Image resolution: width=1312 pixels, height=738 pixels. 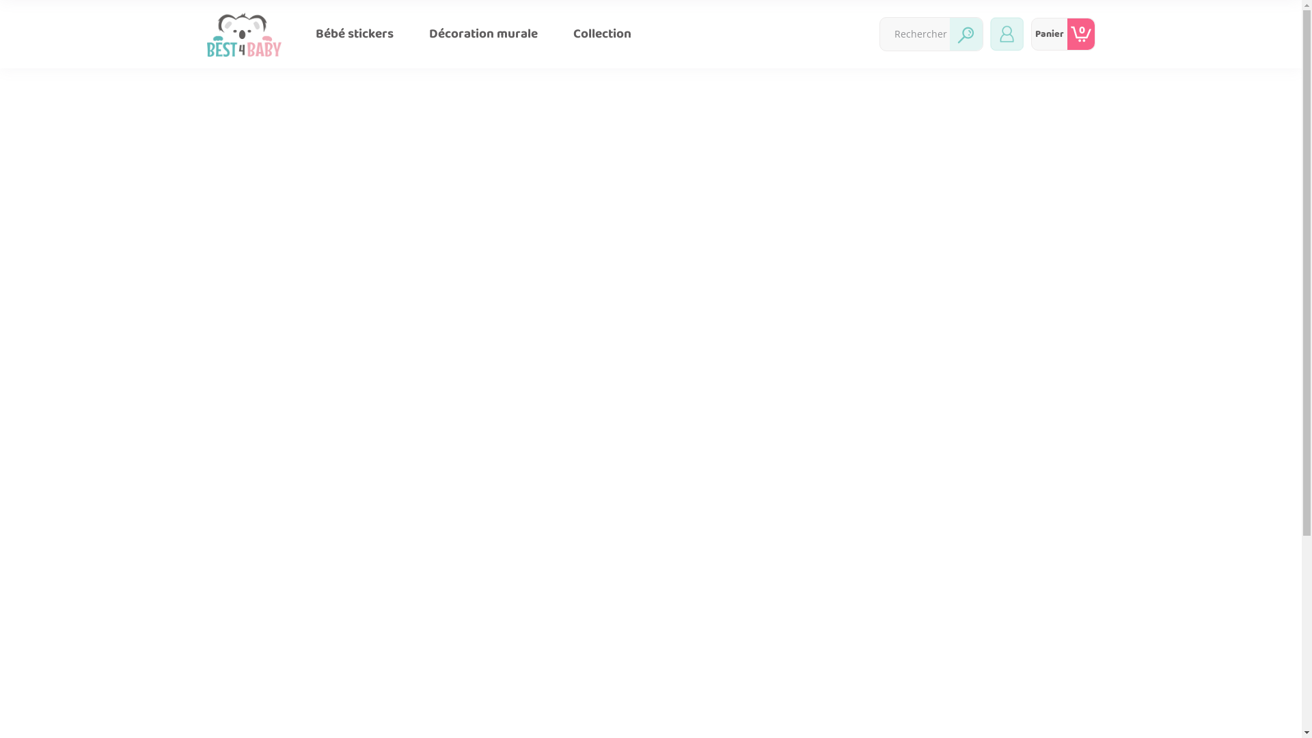 What do you see at coordinates (1062, 33) in the screenshot?
I see `'Panier` at bounding box center [1062, 33].